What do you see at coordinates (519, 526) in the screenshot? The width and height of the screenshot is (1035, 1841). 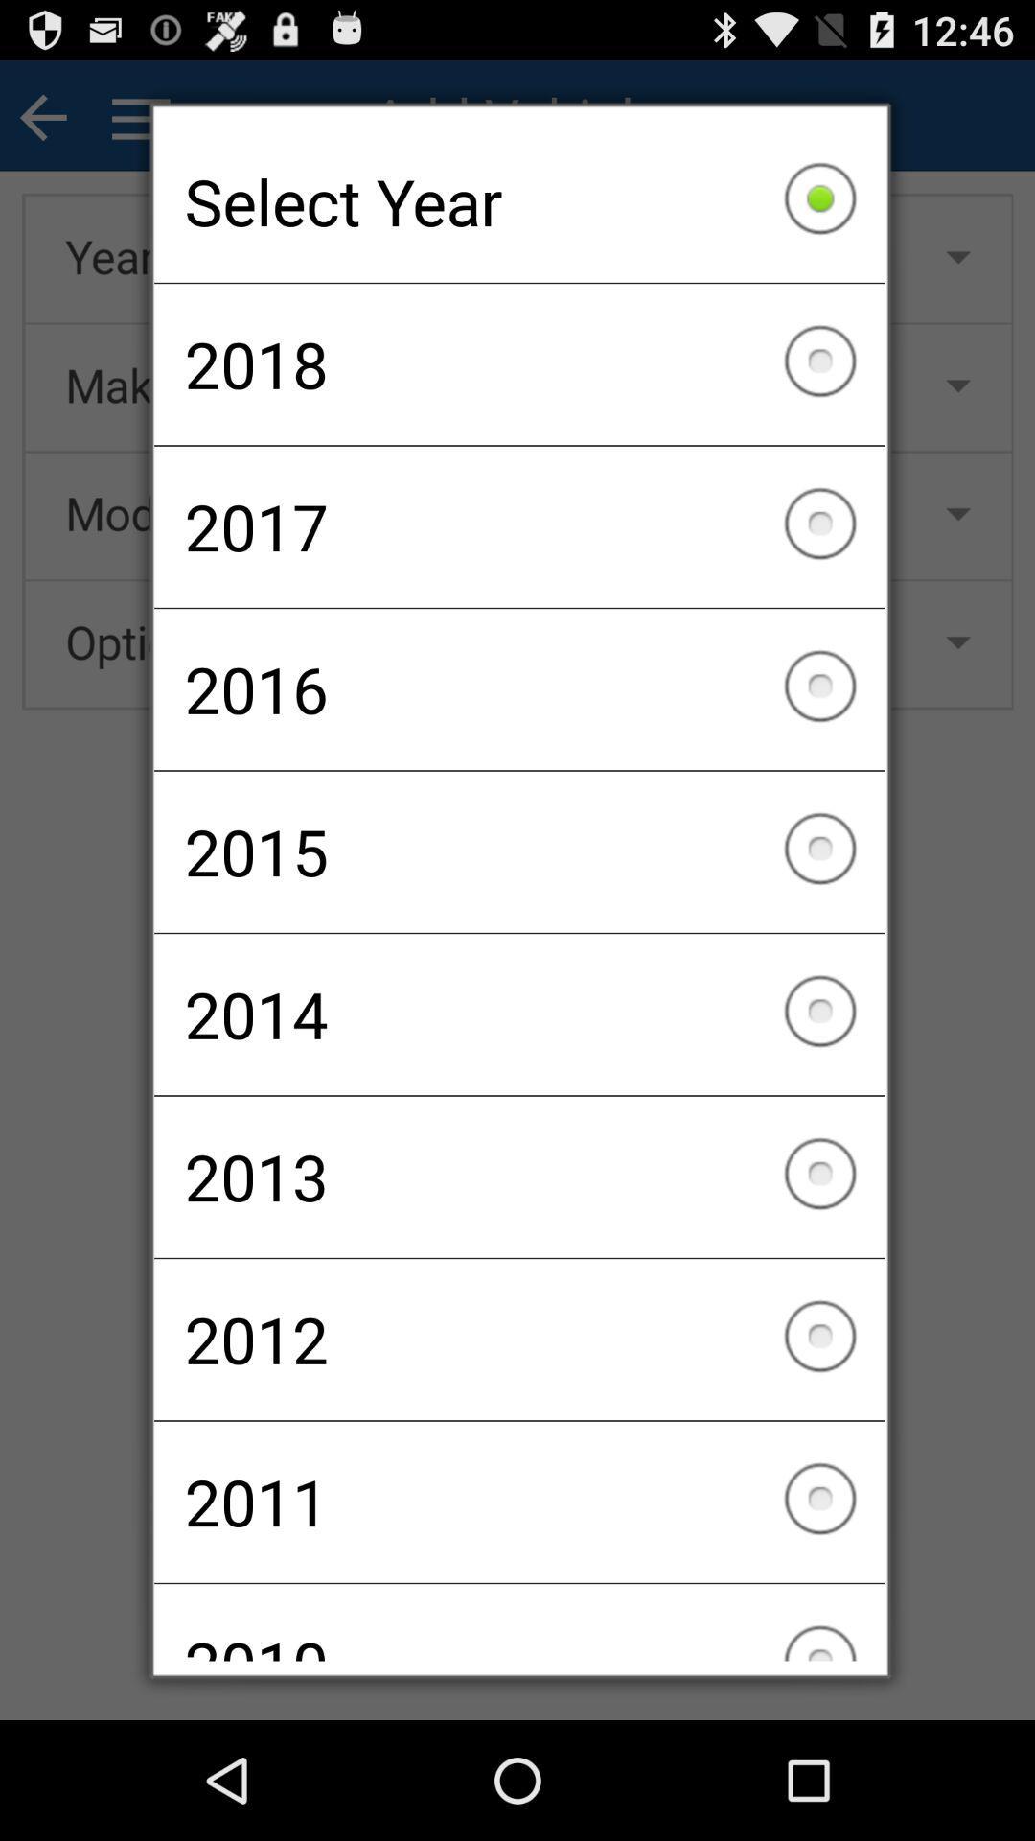 I see `2017 checkbox` at bounding box center [519, 526].